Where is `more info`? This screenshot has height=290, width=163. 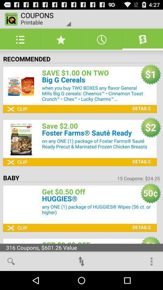 more info is located at coordinates (140, 104).